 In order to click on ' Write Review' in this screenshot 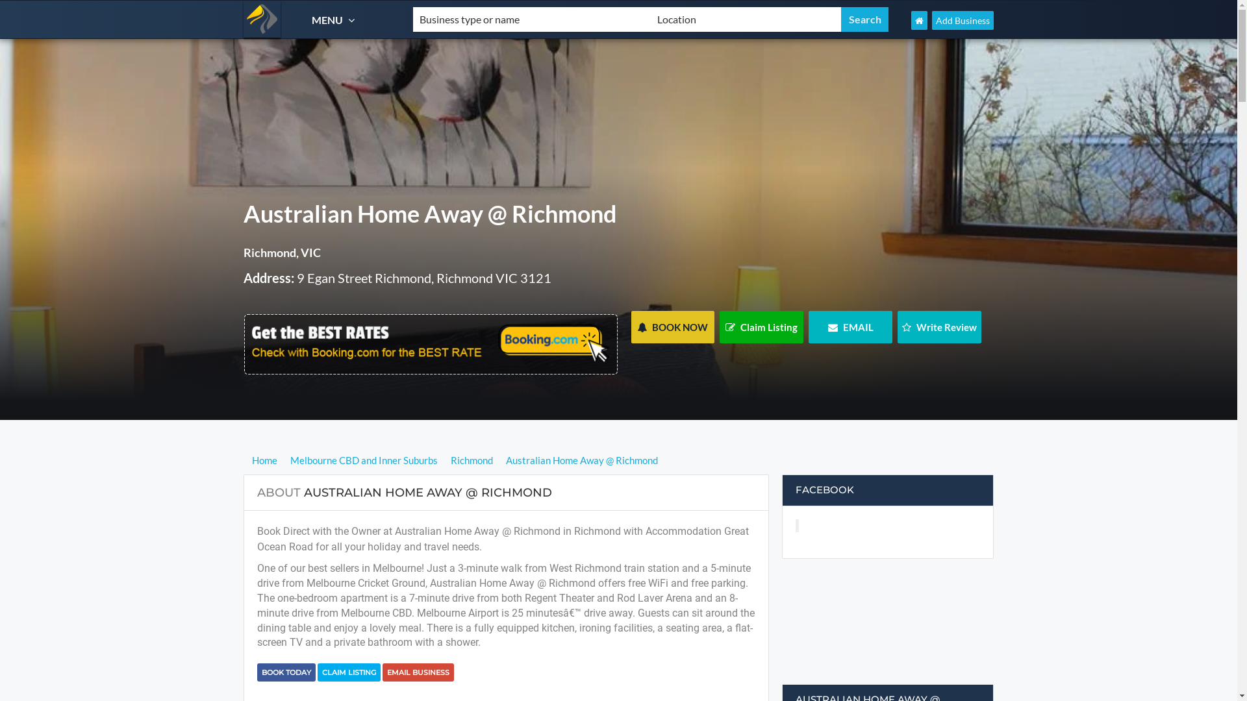, I will do `click(939, 326)`.